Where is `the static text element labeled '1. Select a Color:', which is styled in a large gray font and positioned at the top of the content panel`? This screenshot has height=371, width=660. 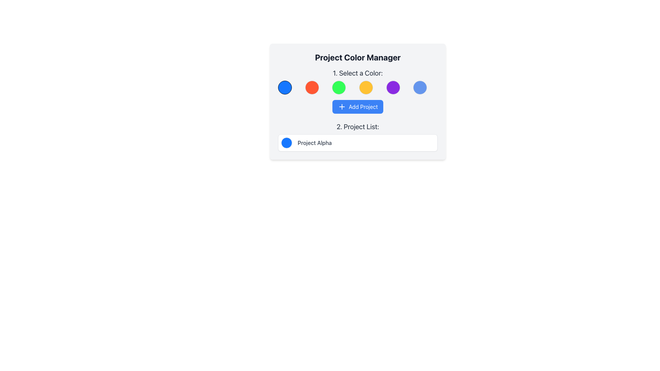 the static text element labeled '1. Select a Color:', which is styled in a large gray font and positioned at the top of the content panel is located at coordinates (357, 73).